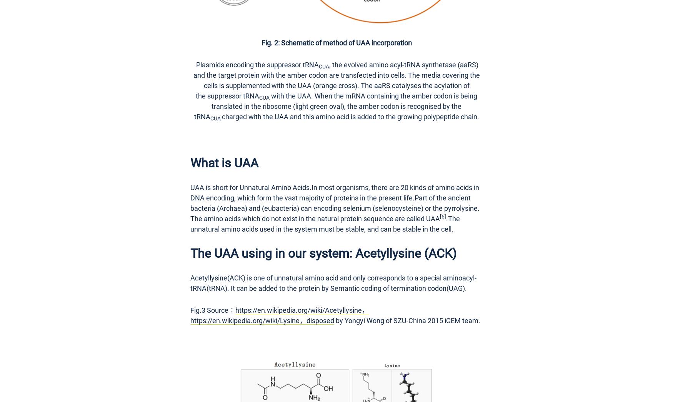 The image size is (673, 402). What do you see at coordinates (333, 282) in the screenshot?
I see `'Acetyllysine(ACK) is one of unnatural amino acid and only corresponds to a special aminoacyl-tRNA(tRNA). It can be added to the protein by Semantic coding of termination codon(UAG).'` at bounding box center [333, 282].